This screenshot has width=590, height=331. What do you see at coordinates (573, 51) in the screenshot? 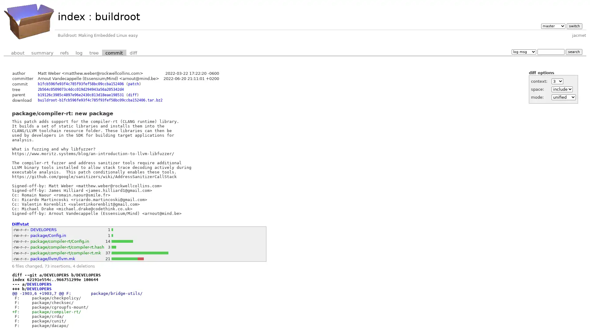
I see `search` at bounding box center [573, 51].